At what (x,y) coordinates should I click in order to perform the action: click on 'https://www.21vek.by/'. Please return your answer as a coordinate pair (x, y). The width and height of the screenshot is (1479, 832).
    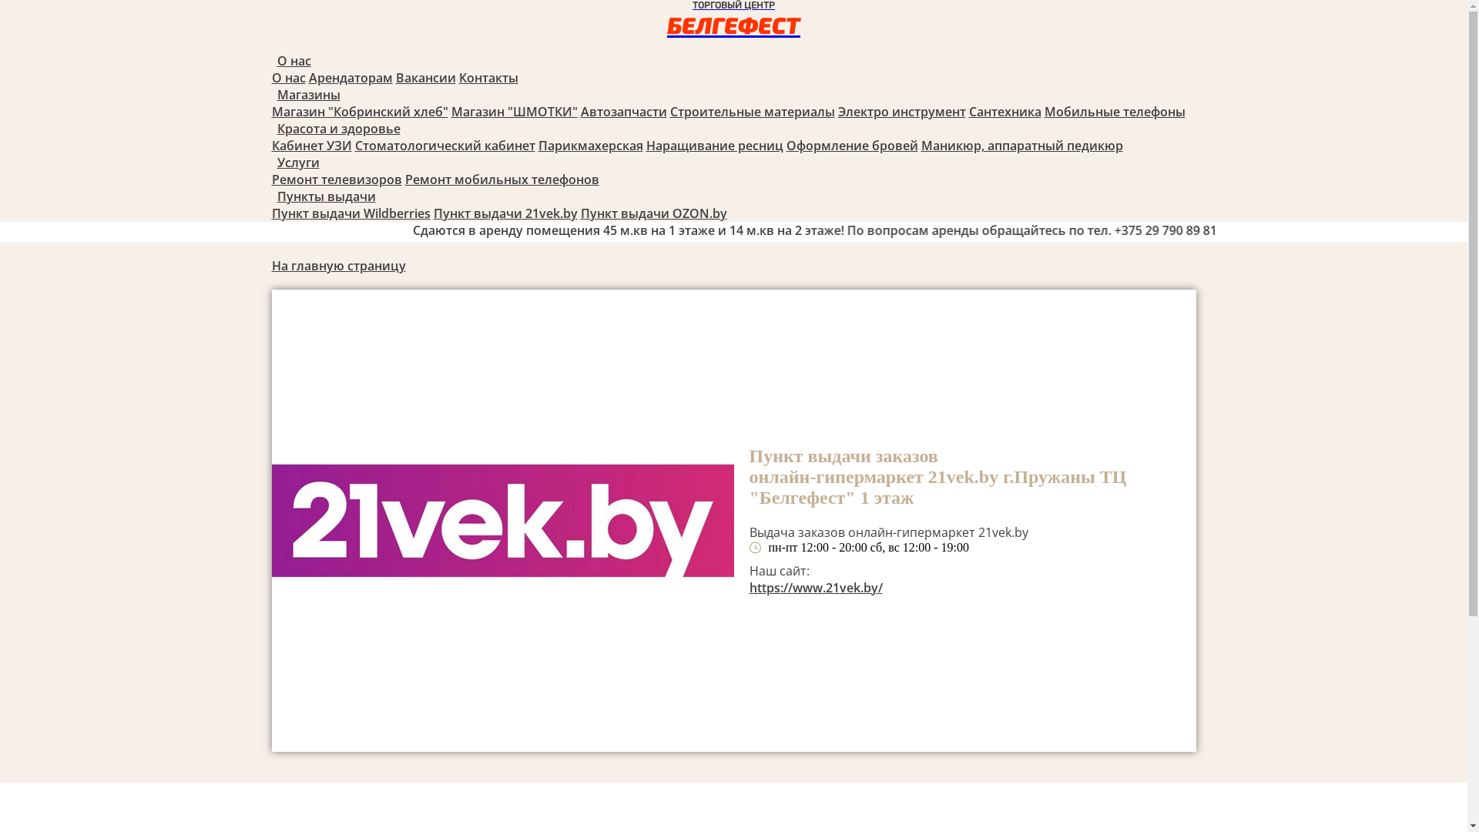
    Looking at the image, I should click on (814, 588).